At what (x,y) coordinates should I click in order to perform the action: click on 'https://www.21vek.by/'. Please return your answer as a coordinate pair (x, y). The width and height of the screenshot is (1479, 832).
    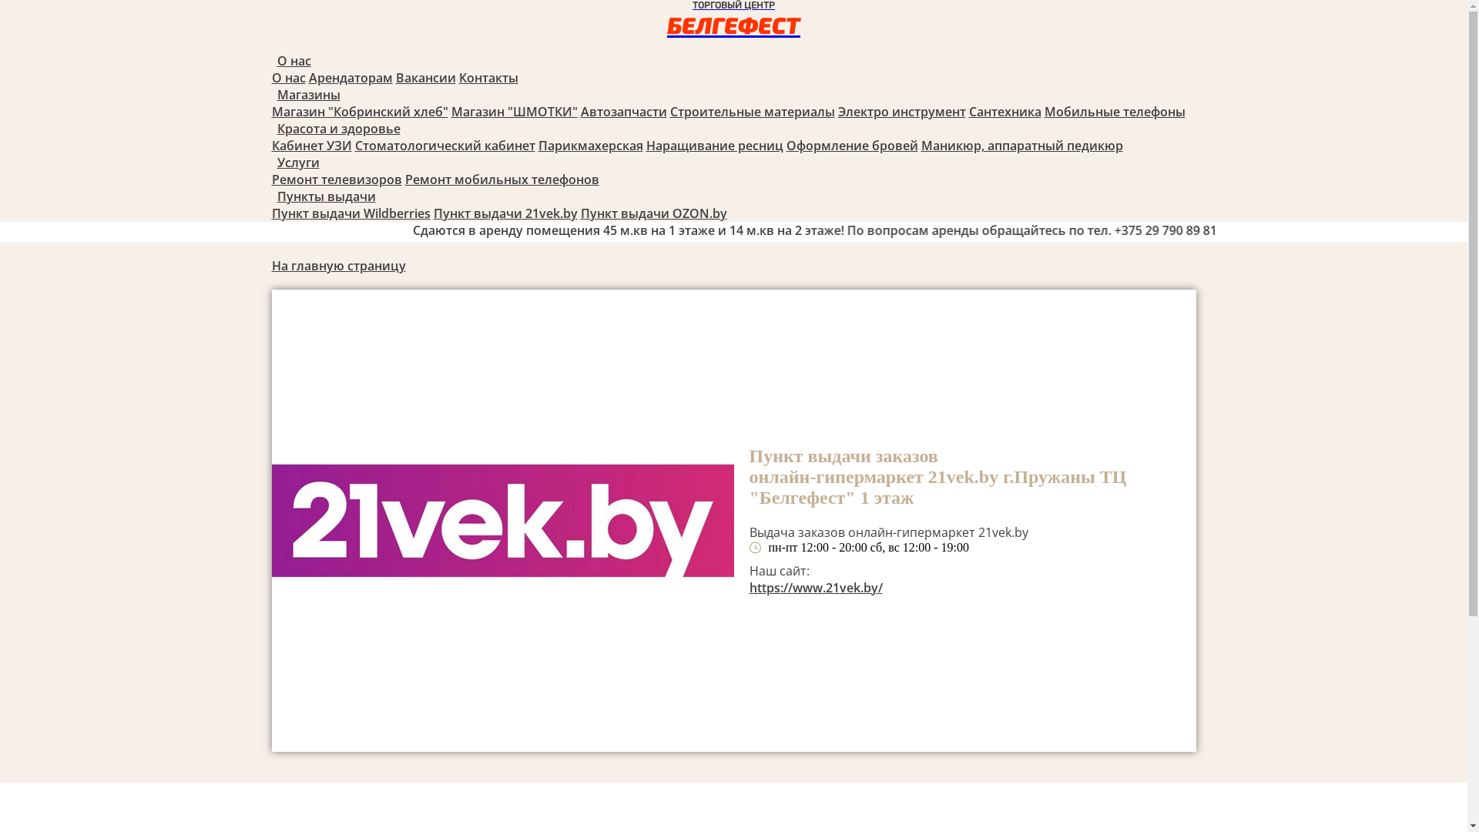
    Looking at the image, I should click on (814, 588).